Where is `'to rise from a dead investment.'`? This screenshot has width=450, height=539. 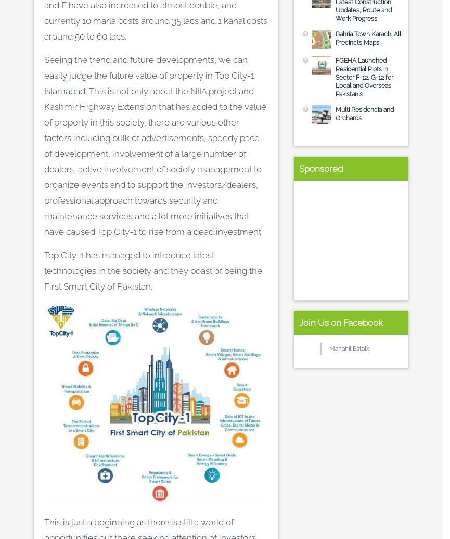 'to rise from a dead investment.' is located at coordinates (199, 231).